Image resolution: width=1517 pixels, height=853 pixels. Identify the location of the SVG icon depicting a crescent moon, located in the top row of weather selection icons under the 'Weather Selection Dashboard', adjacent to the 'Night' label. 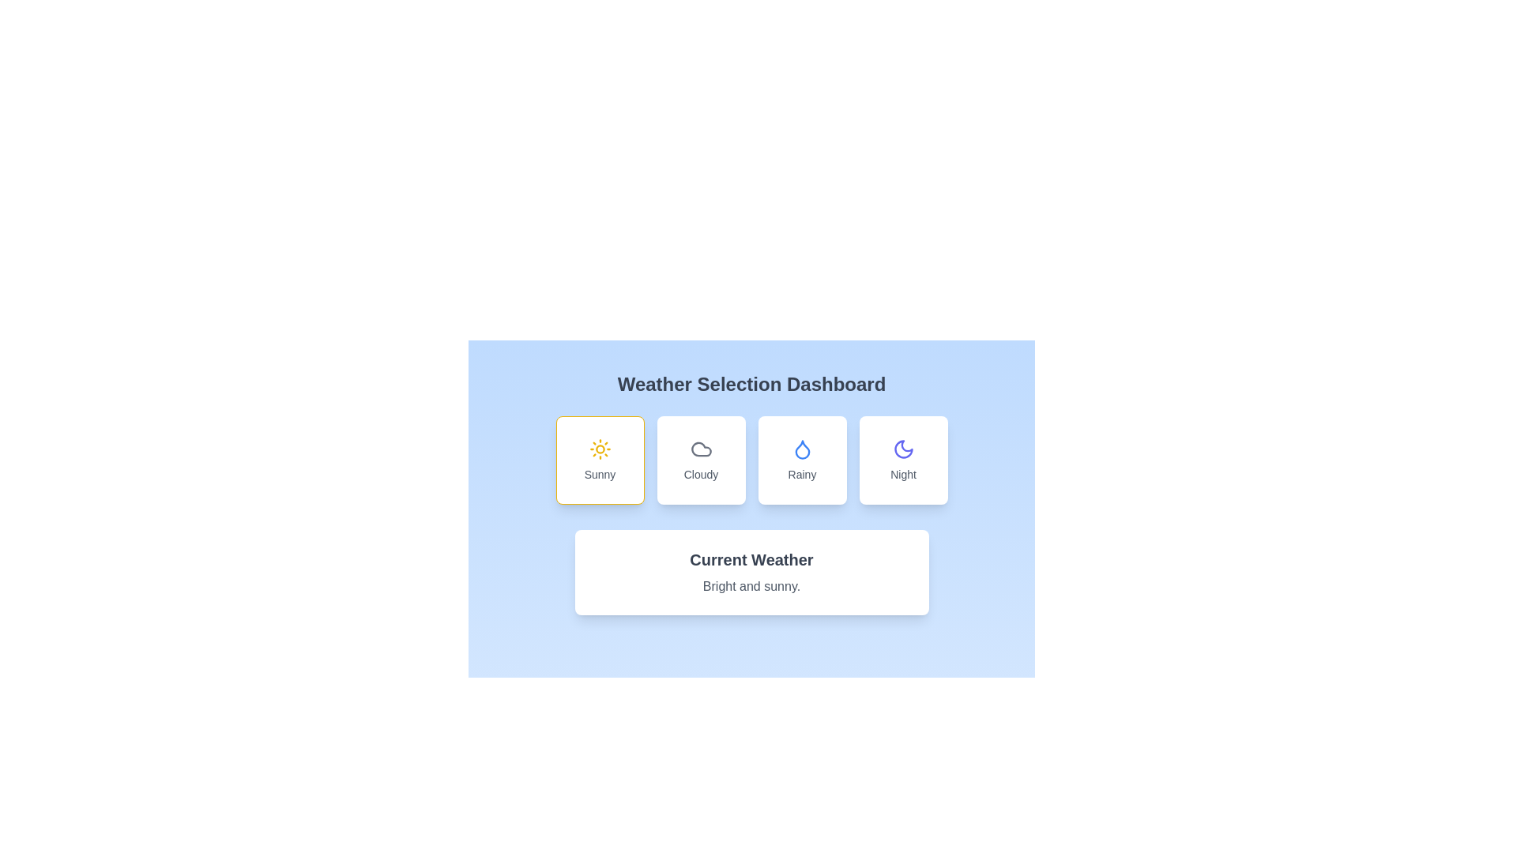
(903, 449).